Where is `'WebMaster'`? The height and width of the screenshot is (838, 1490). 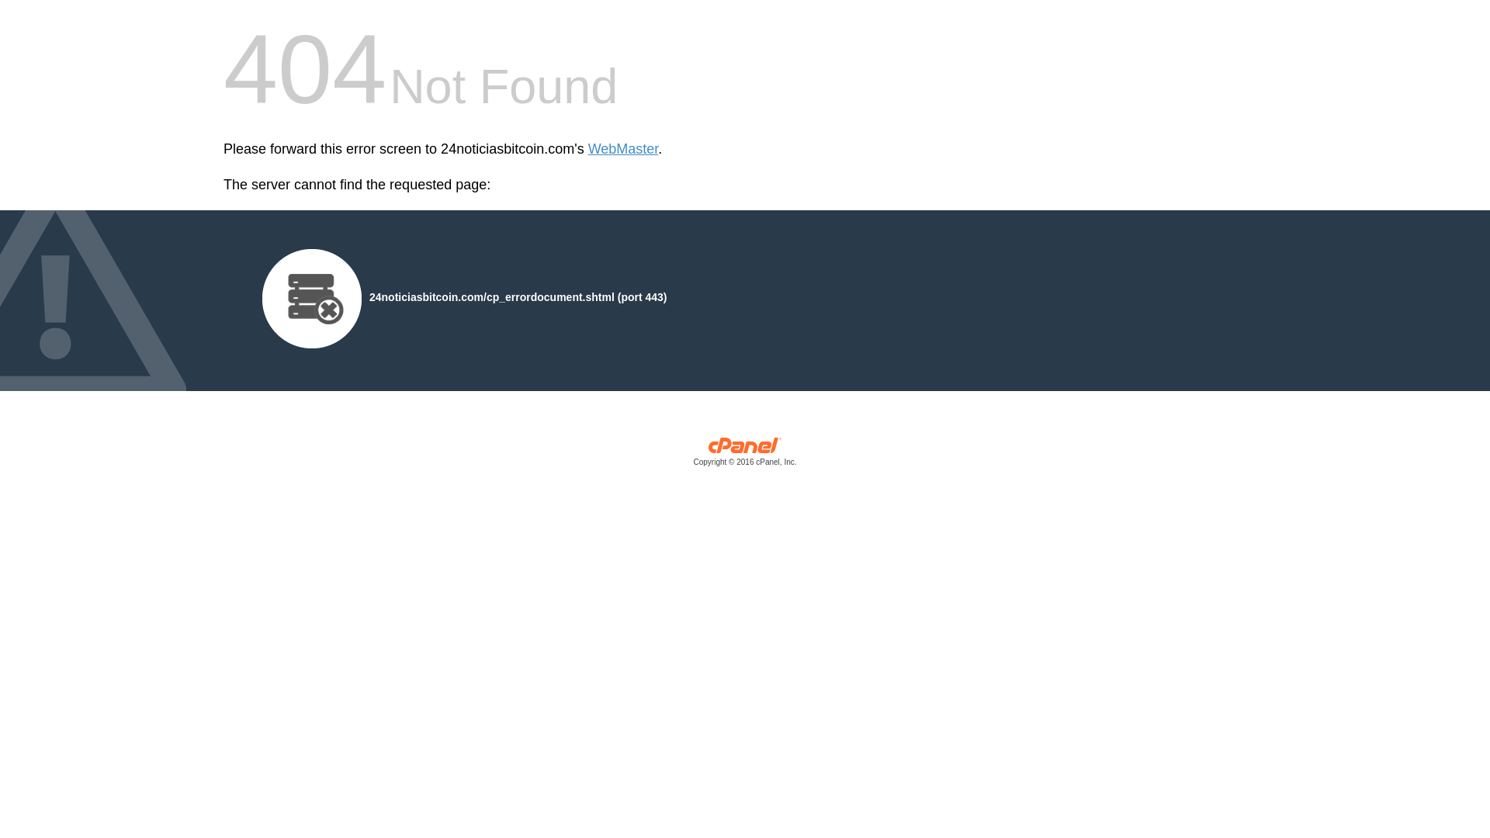 'WebMaster' is located at coordinates (623, 149).